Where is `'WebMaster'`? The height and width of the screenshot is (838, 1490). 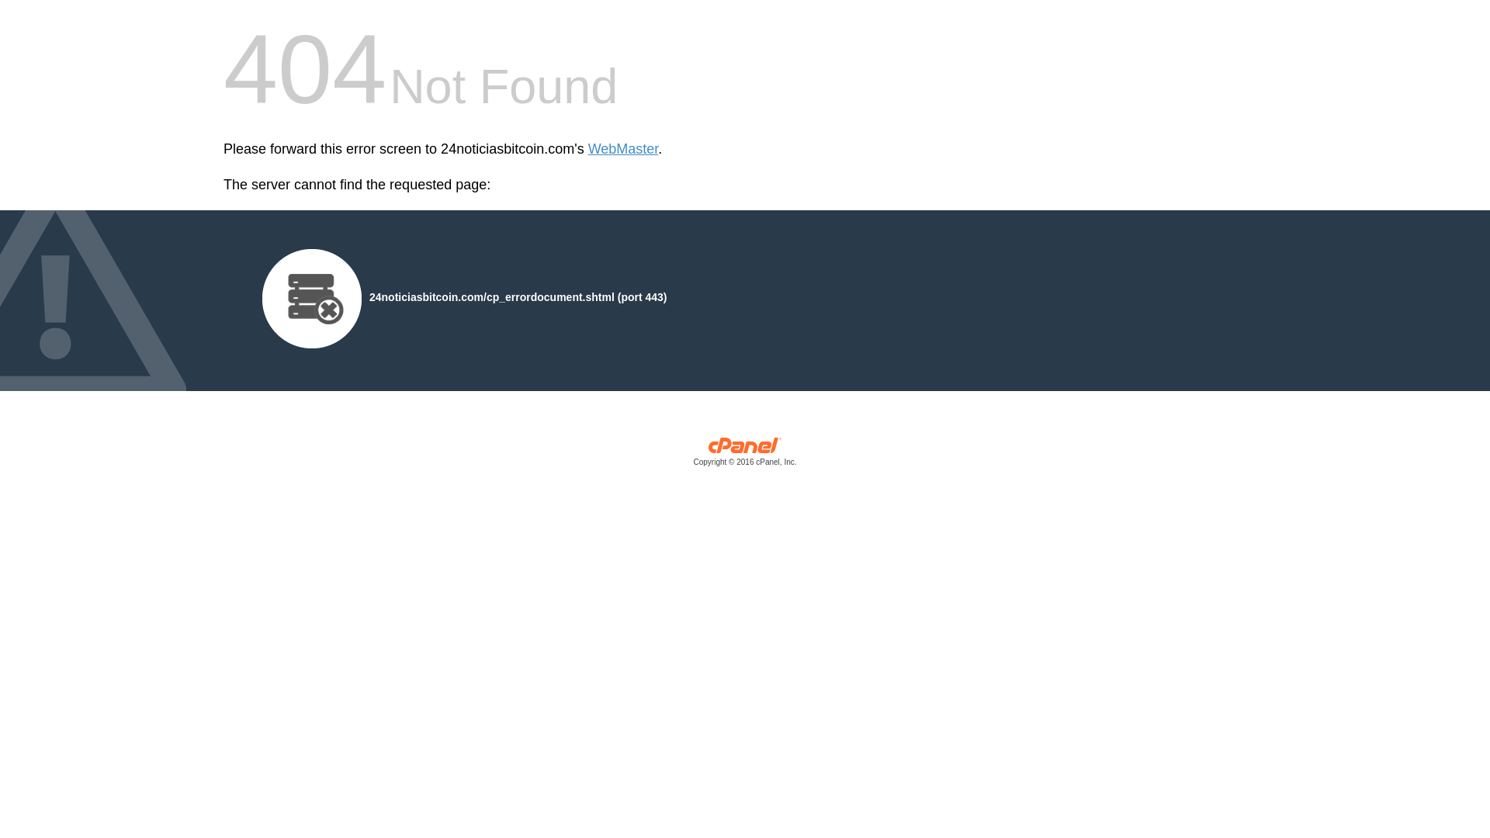 'WebMaster' is located at coordinates (623, 149).